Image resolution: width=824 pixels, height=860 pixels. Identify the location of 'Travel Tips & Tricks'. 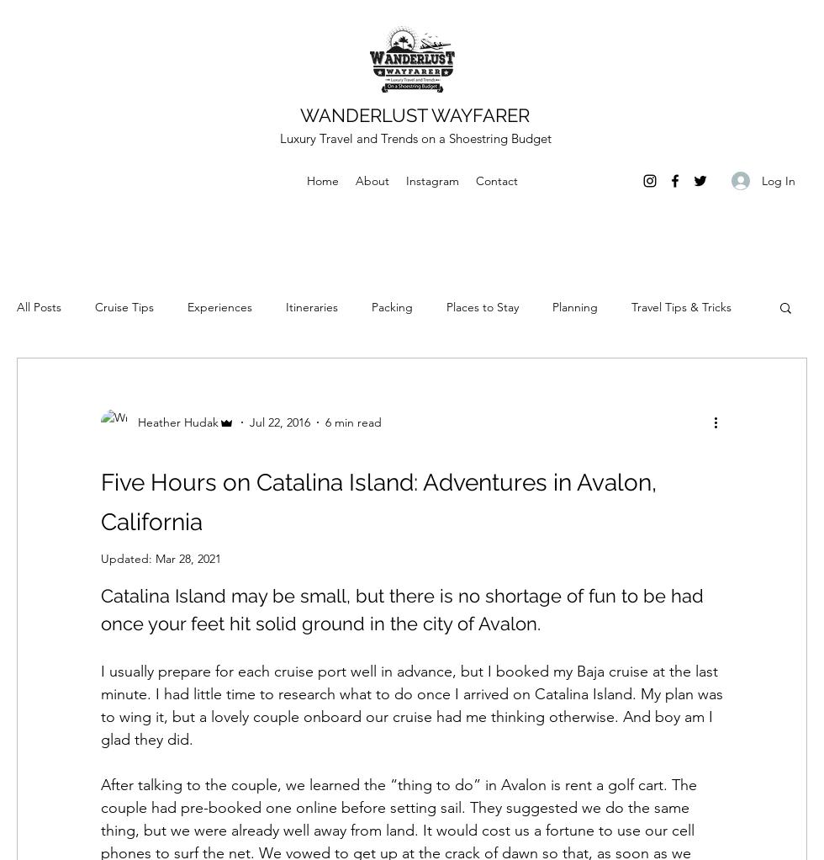
(681, 306).